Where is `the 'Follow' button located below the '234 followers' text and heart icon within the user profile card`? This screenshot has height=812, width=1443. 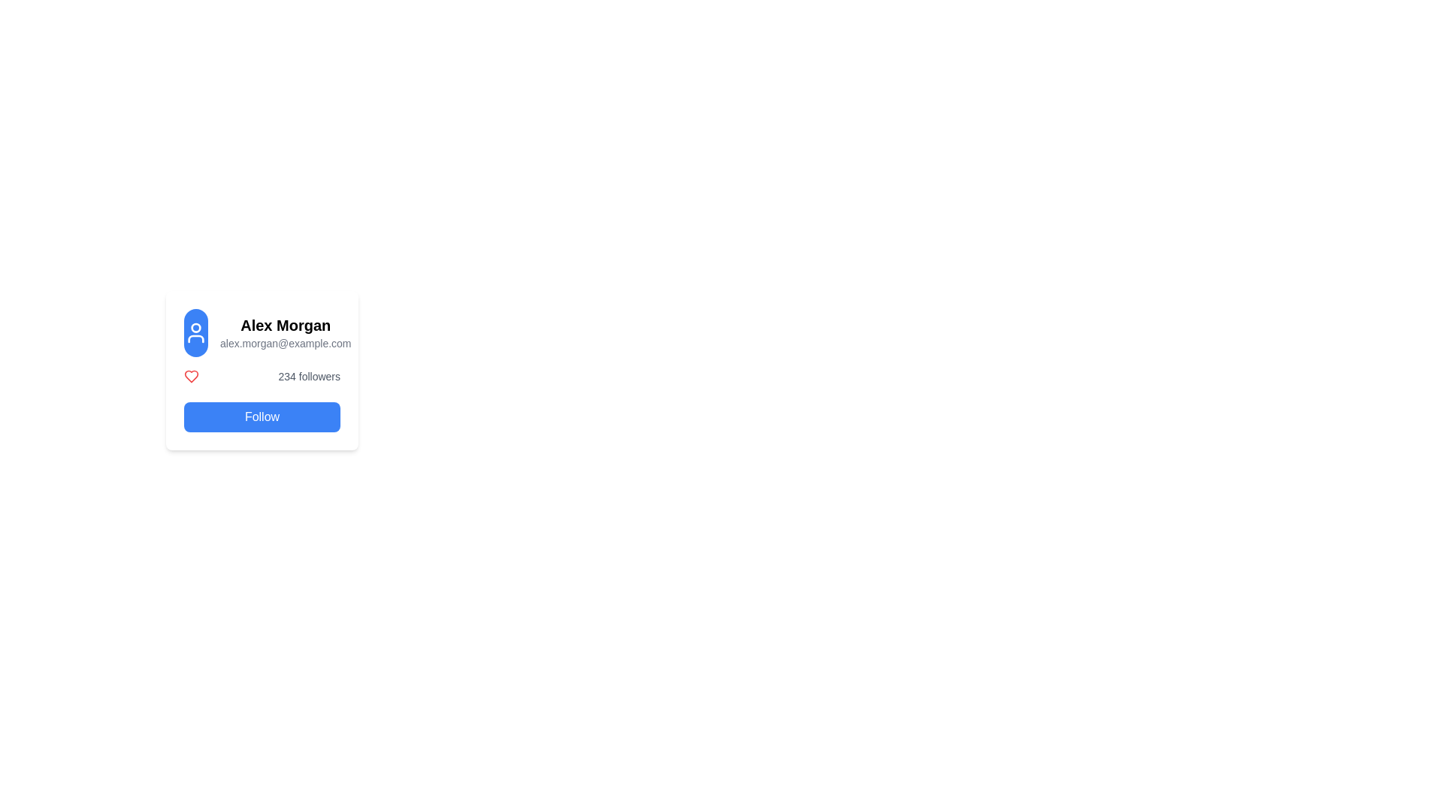 the 'Follow' button located below the '234 followers' text and heart icon within the user profile card is located at coordinates (262, 399).